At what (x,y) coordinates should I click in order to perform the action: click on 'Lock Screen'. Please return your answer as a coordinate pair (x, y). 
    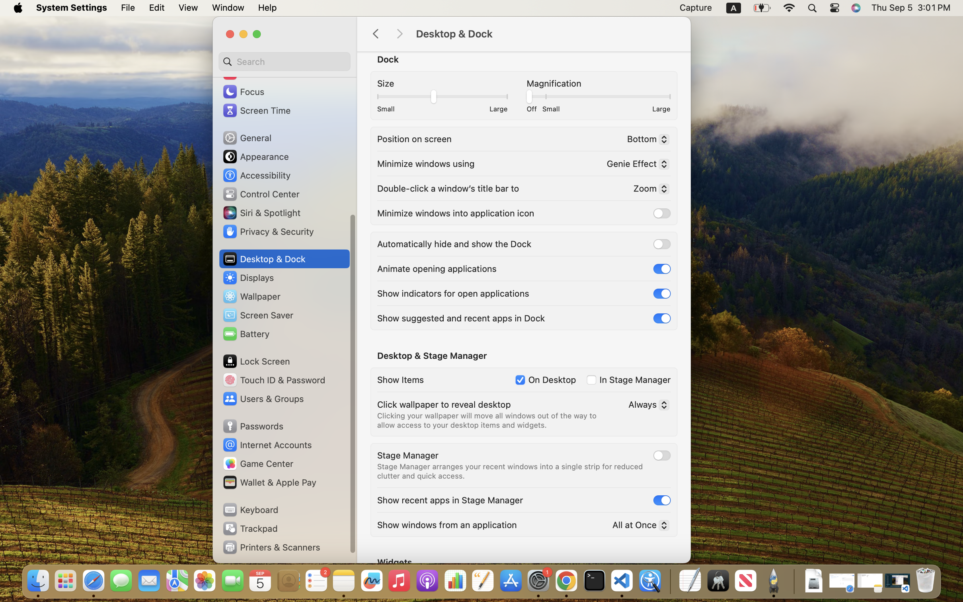
    Looking at the image, I should click on (256, 361).